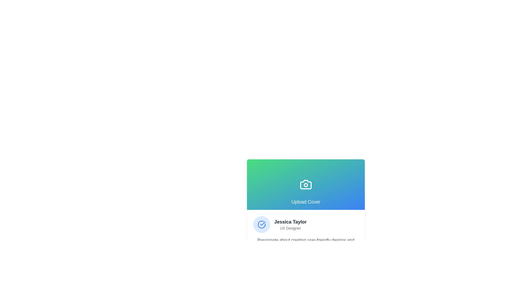 This screenshot has height=284, width=505. What do you see at coordinates (306, 243) in the screenshot?
I see `the text label that provides additional descriptive information about the individual in the profile card, located below the user's role and above the action buttons` at bounding box center [306, 243].